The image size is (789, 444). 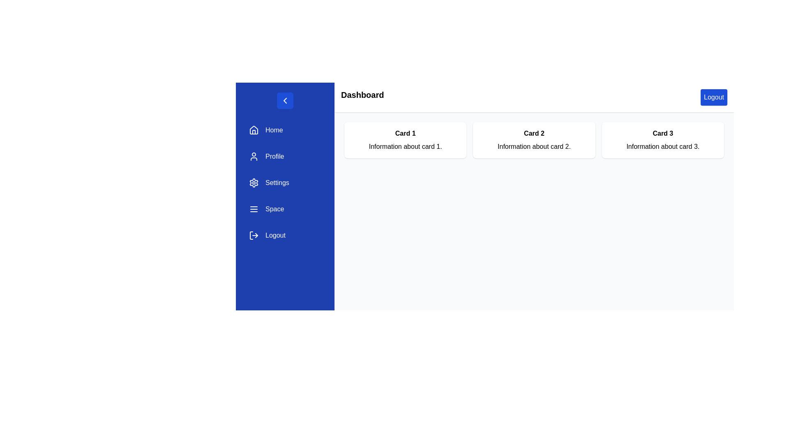 I want to click on the Static information card titled 'Card 3', which is a white rectangular card with rounded corners, positioned in the third column of the grid layout, so click(x=663, y=139).